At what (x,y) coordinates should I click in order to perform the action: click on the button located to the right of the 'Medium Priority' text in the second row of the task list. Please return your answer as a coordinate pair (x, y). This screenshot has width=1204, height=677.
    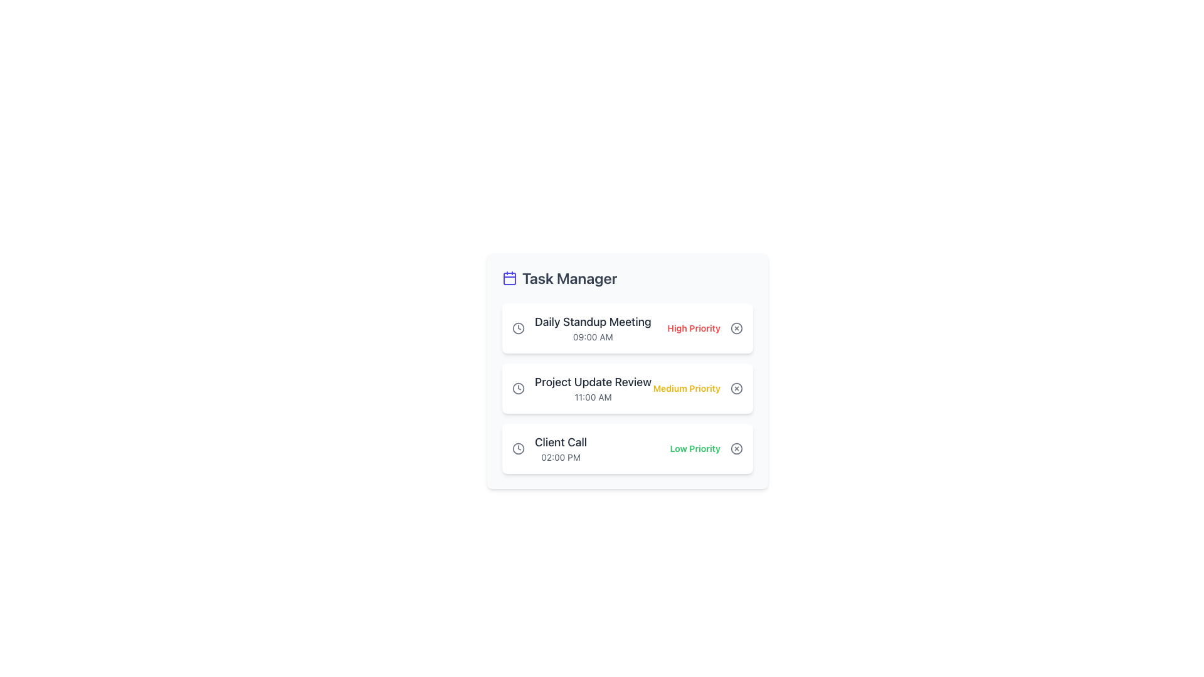
    Looking at the image, I should click on (737, 388).